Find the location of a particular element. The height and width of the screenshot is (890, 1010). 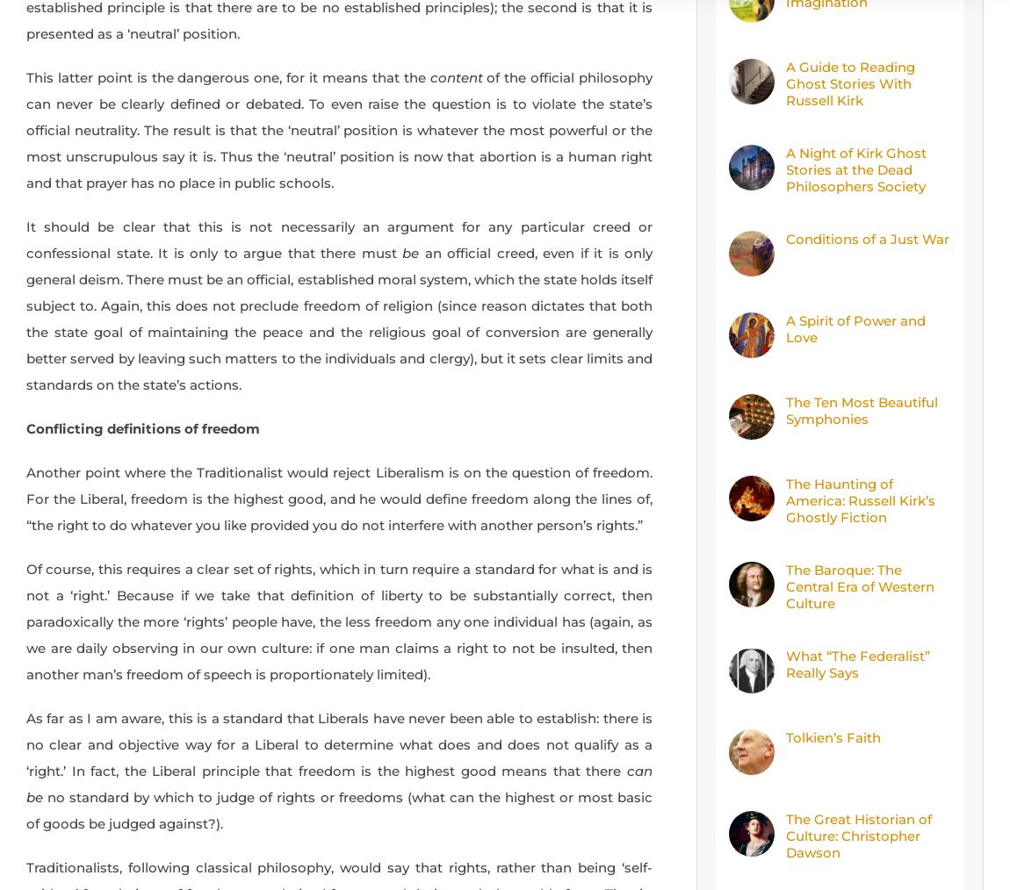

'A Guide to Reading Ghost Stories With Russell Kirk' is located at coordinates (850, 83).